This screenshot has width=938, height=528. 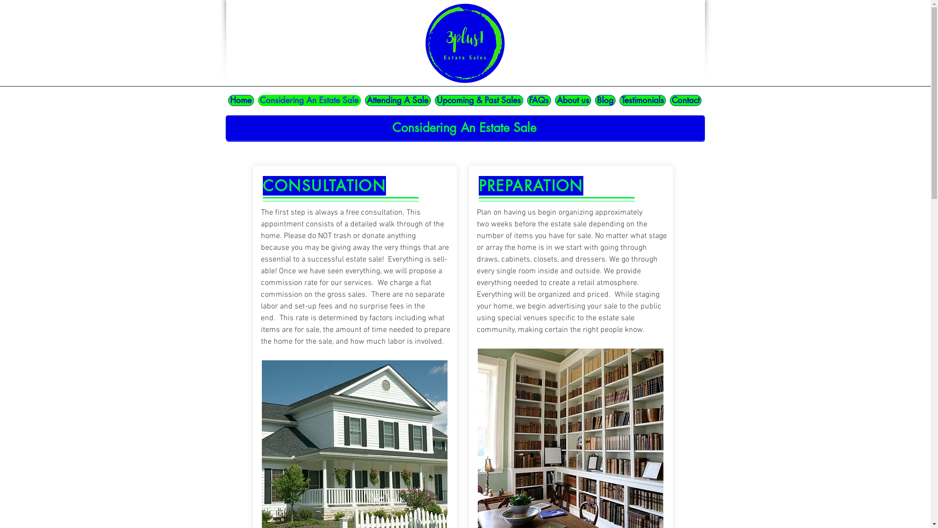 I want to click on 'Upcoming & Past Sales', so click(x=479, y=100).